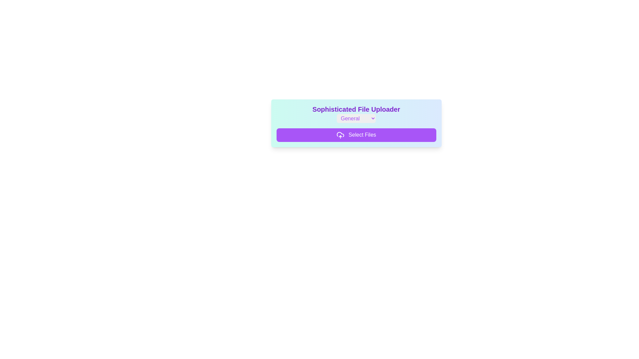  Describe the element at coordinates (356, 113) in the screenshot. I see `the title and quick navigation segment for categorizing files to be uploaded, which is located at the top section of a card-like UI component` at that location.